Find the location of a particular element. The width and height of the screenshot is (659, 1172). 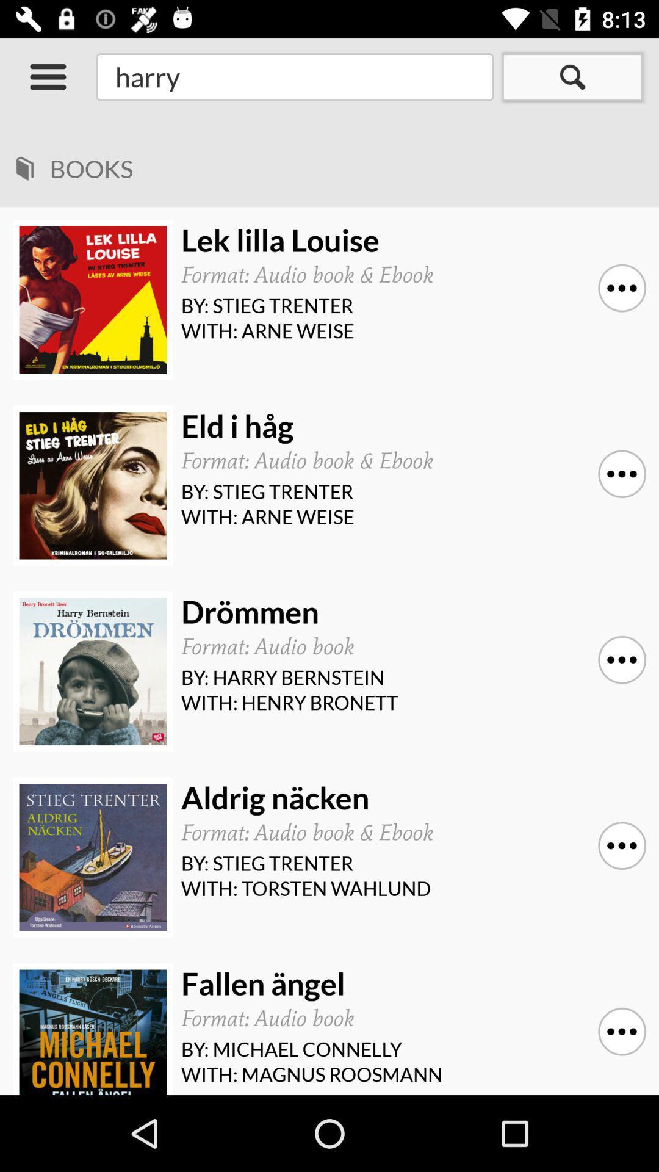

icon above the format: audio book item is located at coordinates (409, 983).